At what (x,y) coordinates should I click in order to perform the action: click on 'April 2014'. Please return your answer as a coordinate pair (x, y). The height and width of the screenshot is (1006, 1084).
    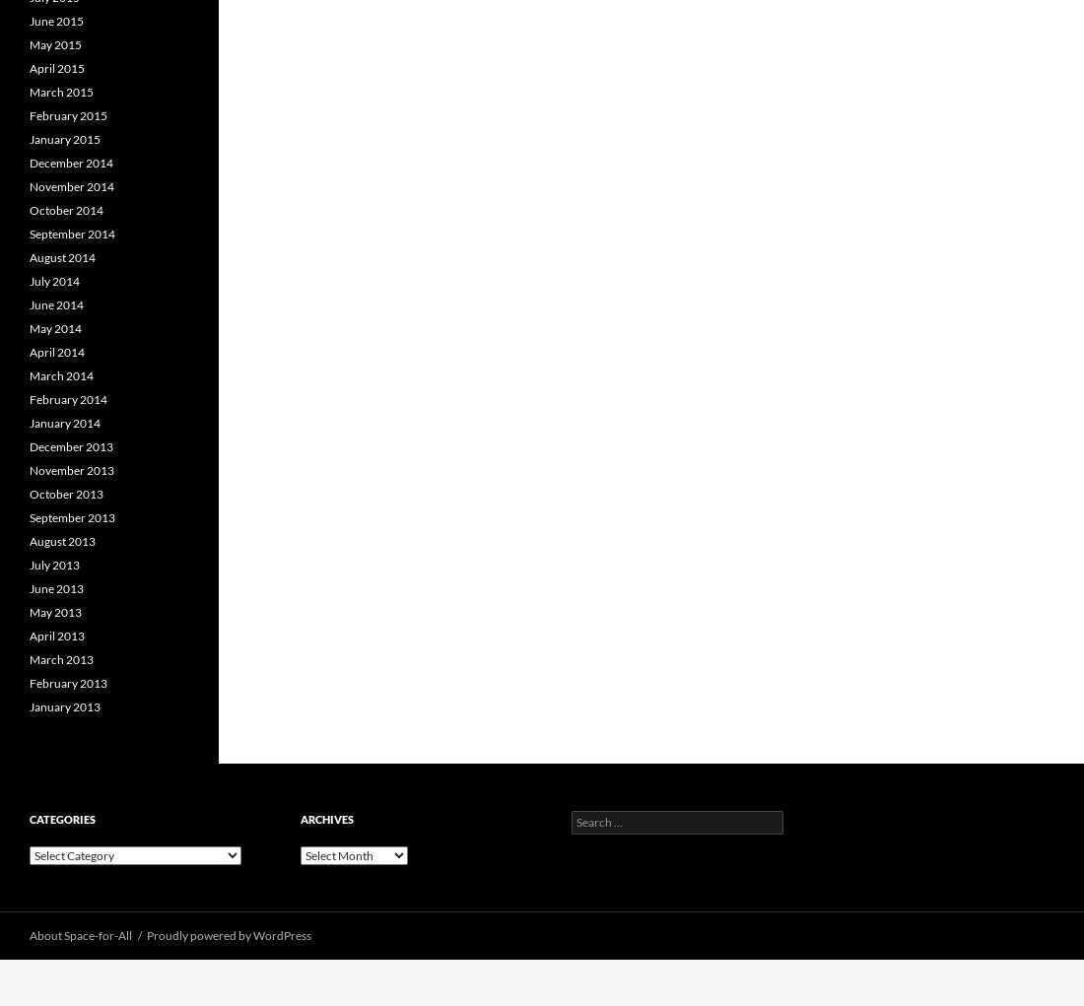
    Looking at the image, I should click on (55, 352).